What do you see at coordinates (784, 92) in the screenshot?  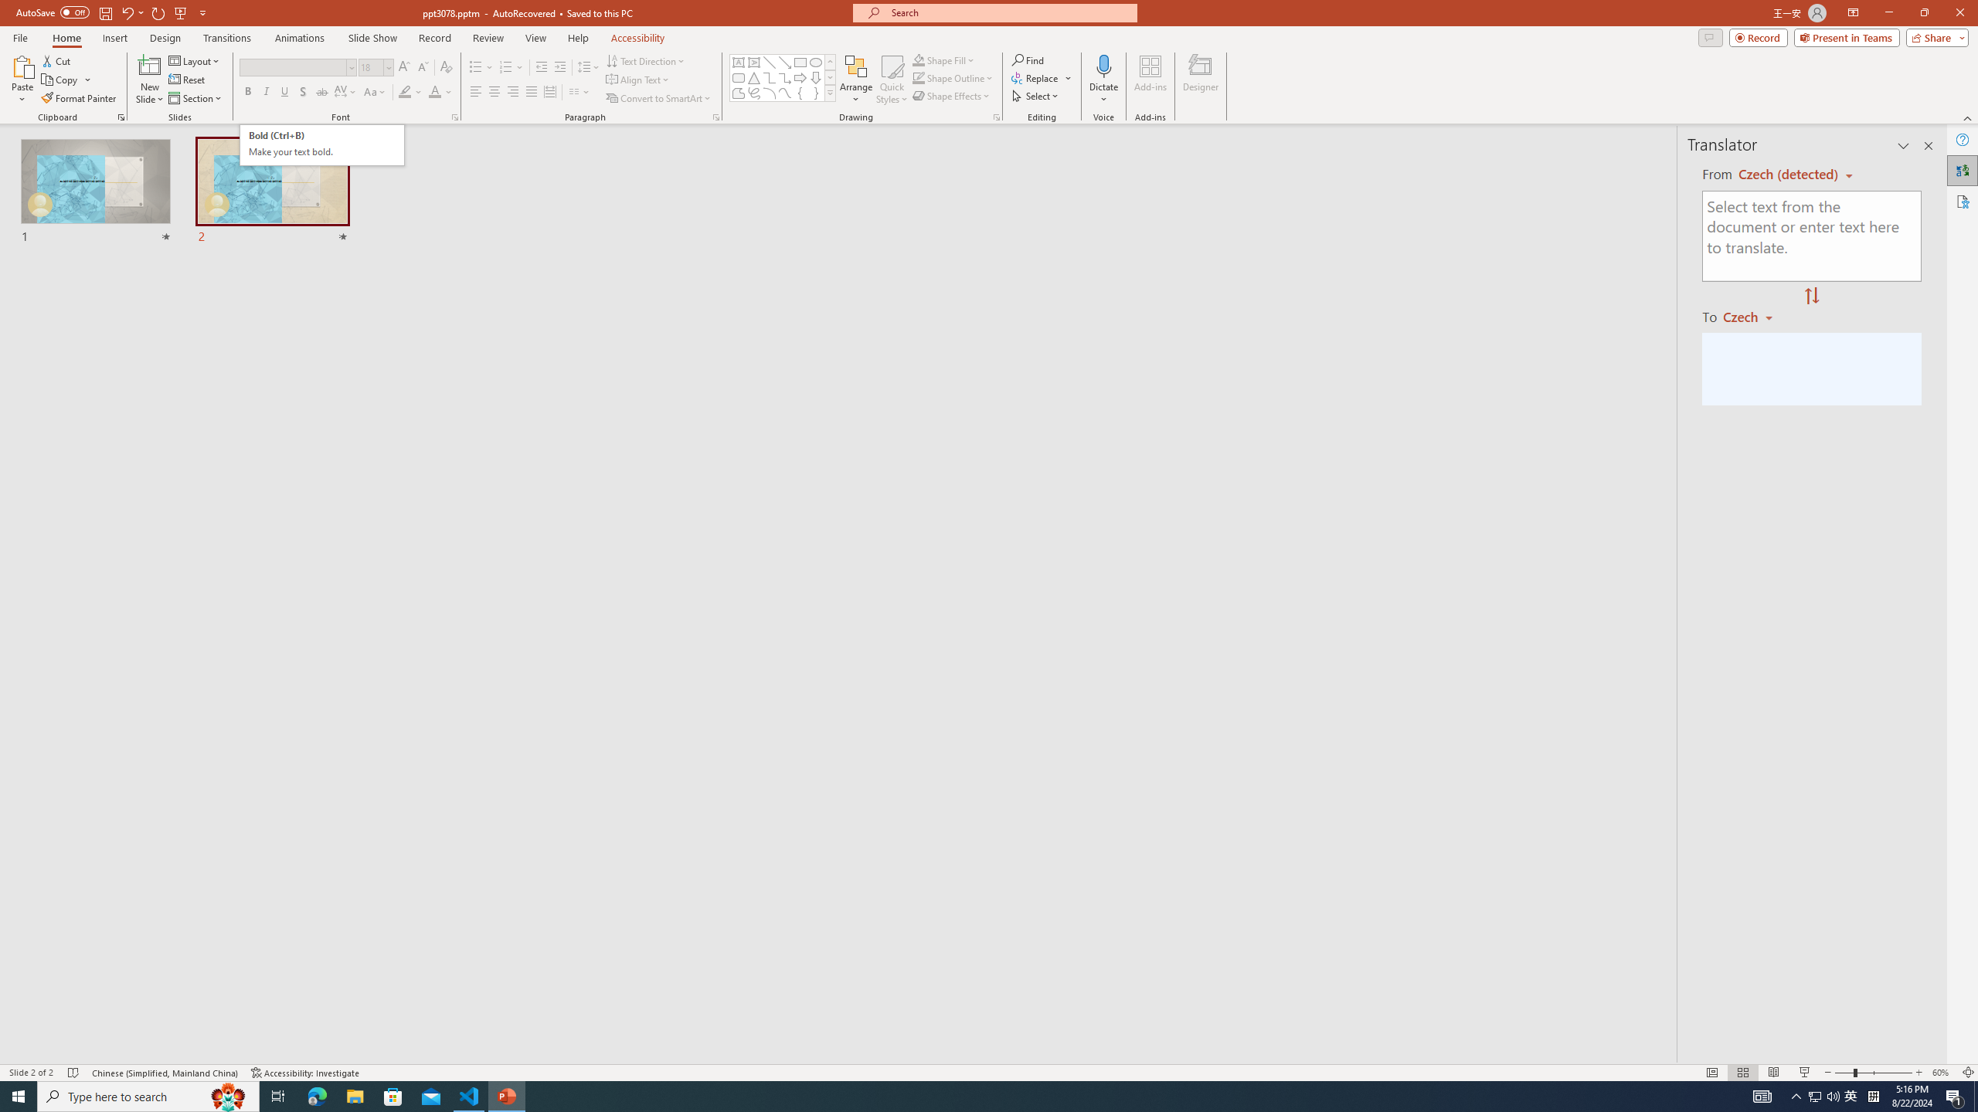 I see `'Curve'` at bounding box center [784, 92].